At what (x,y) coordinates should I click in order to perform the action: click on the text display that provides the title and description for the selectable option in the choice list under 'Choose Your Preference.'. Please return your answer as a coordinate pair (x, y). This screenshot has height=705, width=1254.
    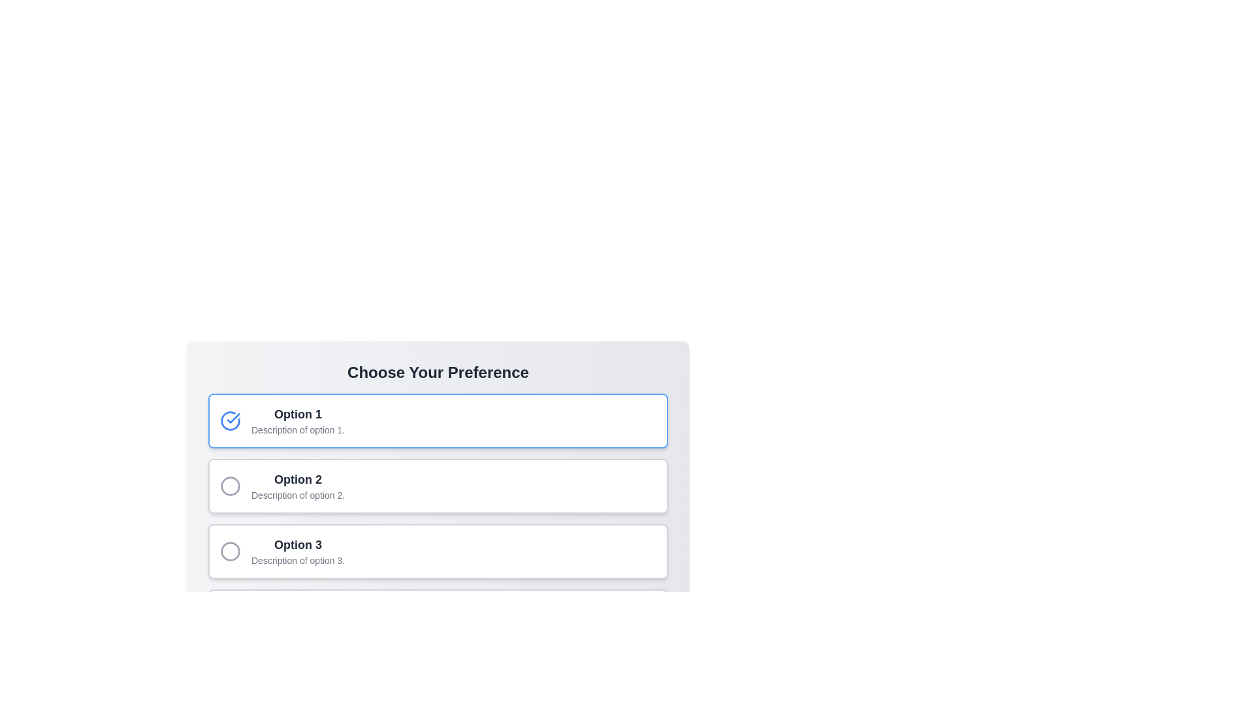
    Looking at the image, I should click on (297, 420).